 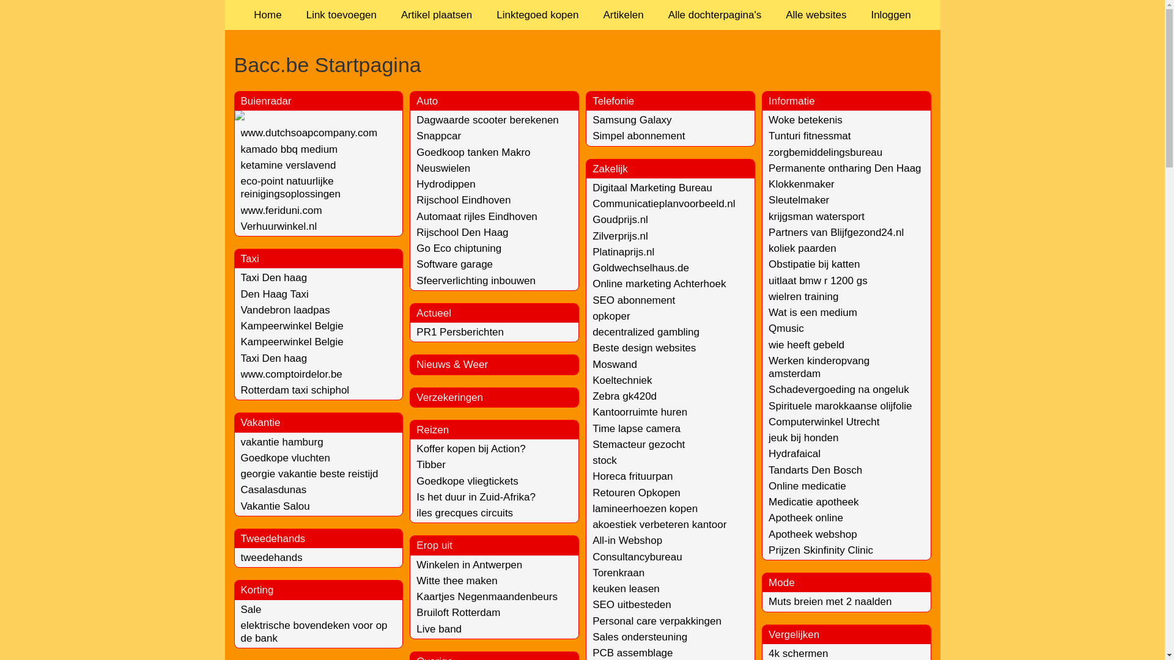 I want to click on 'Time lapse camera', so click(x=636, y=428).